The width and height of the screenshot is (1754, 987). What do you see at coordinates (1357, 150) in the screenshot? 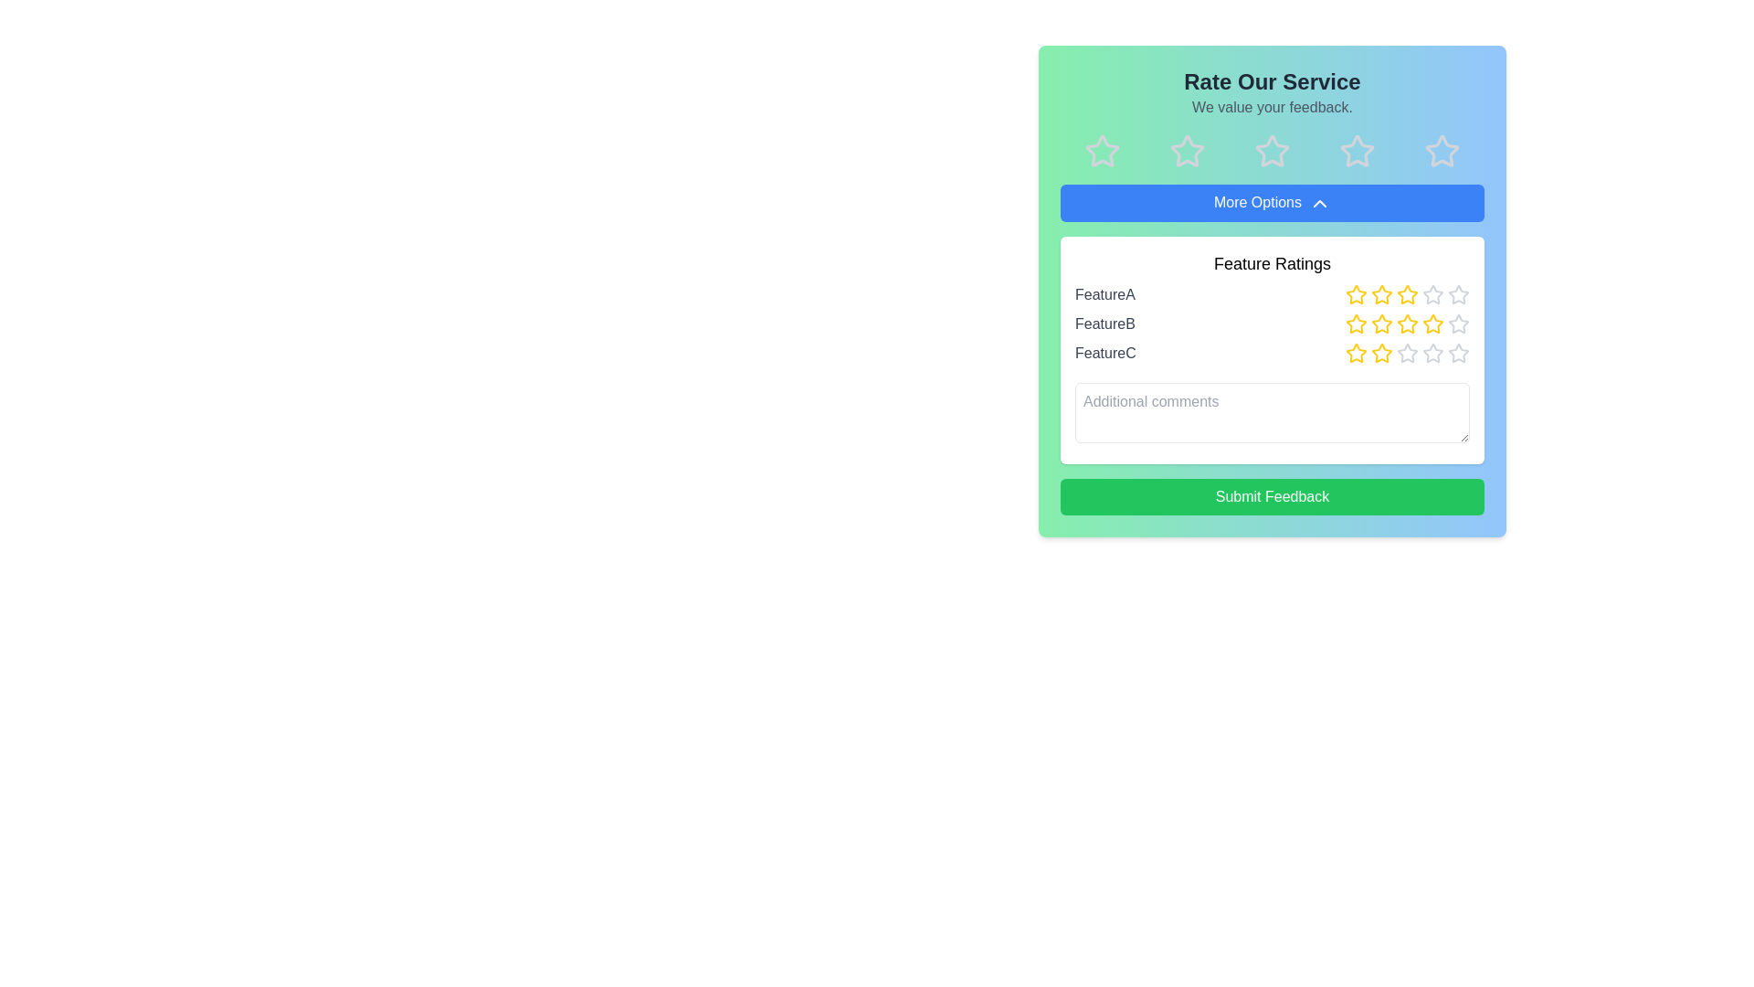
I see `the fourth star from the left in the rating interface` at bounding box center [1357, 150].